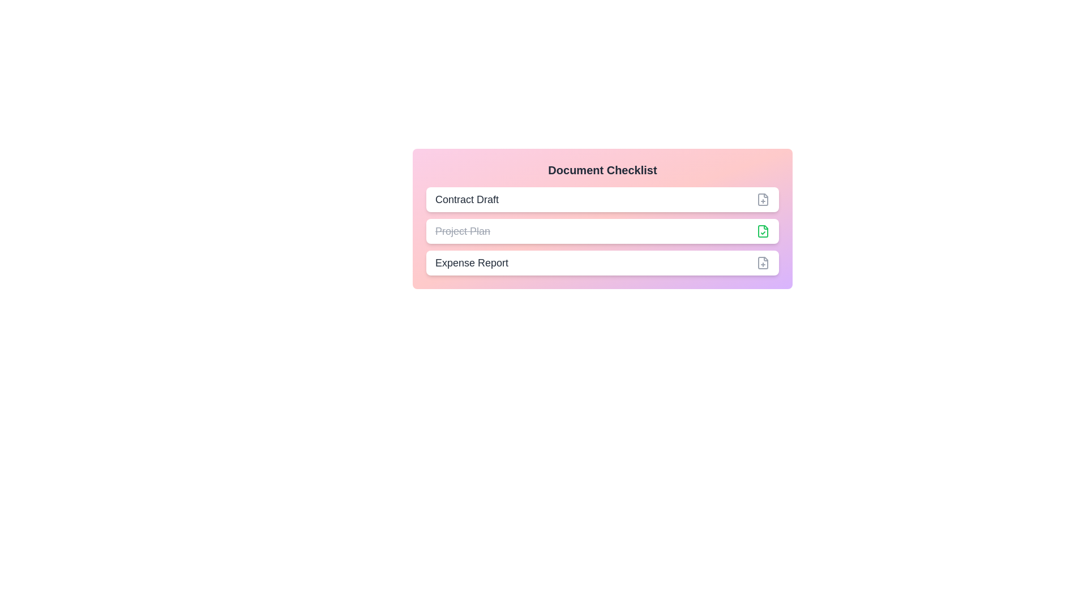  I want to click on toggle button for the document titled 'Expense Report' to change its completion status, so click(763, 263).